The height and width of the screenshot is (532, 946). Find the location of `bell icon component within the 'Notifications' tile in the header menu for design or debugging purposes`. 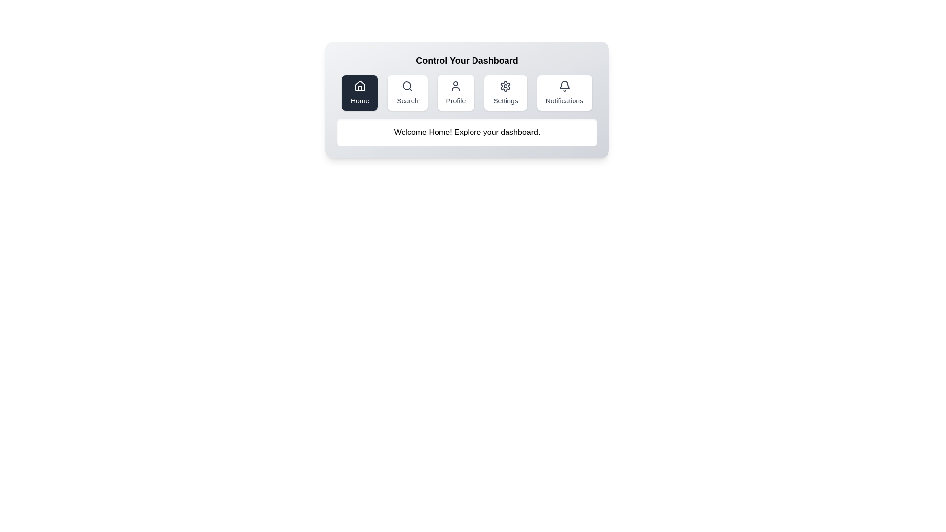

bell icon component within the 'Notifications' tile in the header menu for design or debugging purposes is located at coordinates (564, 84).